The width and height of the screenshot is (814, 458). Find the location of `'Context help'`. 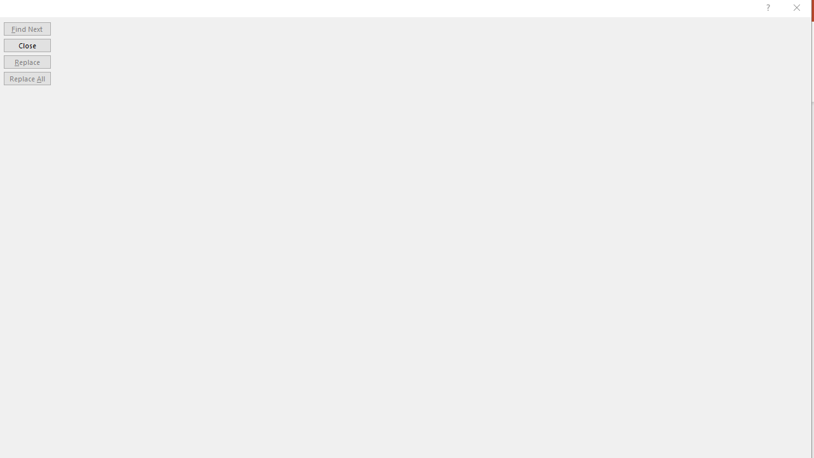

'Context help' is located at coordinates (766, 10).